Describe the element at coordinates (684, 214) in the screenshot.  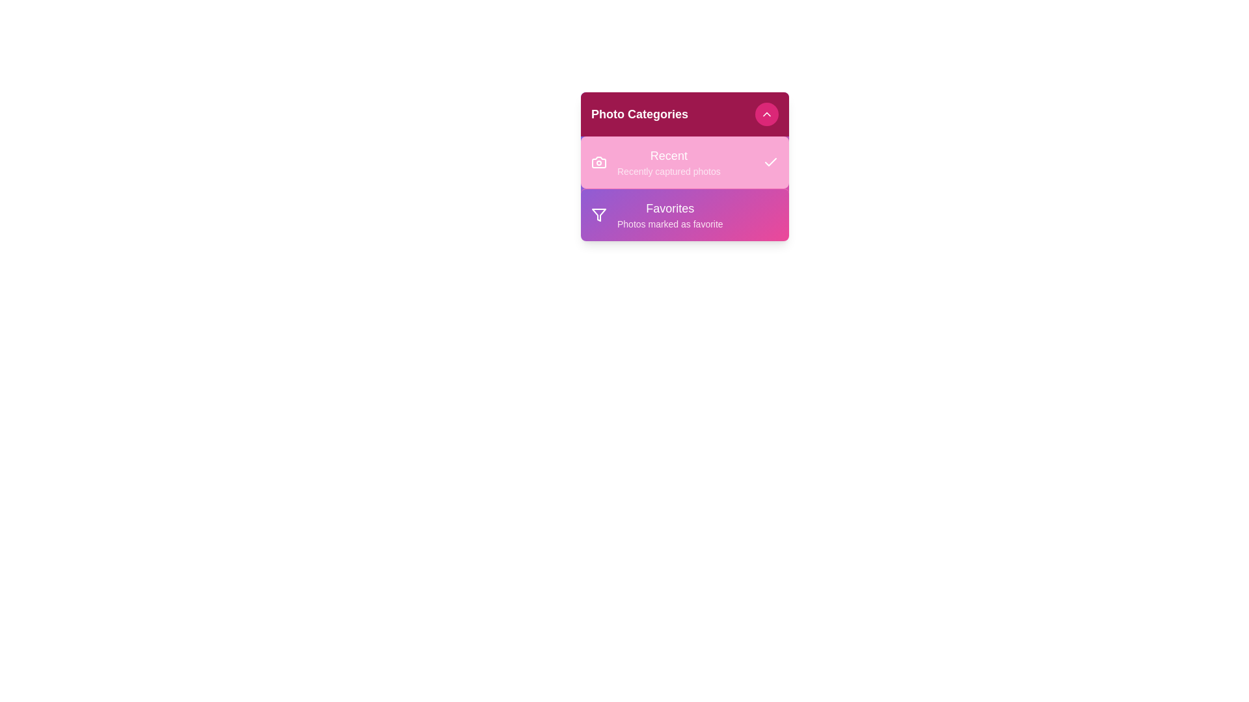
I see `the category Favorites from the list` at that location.